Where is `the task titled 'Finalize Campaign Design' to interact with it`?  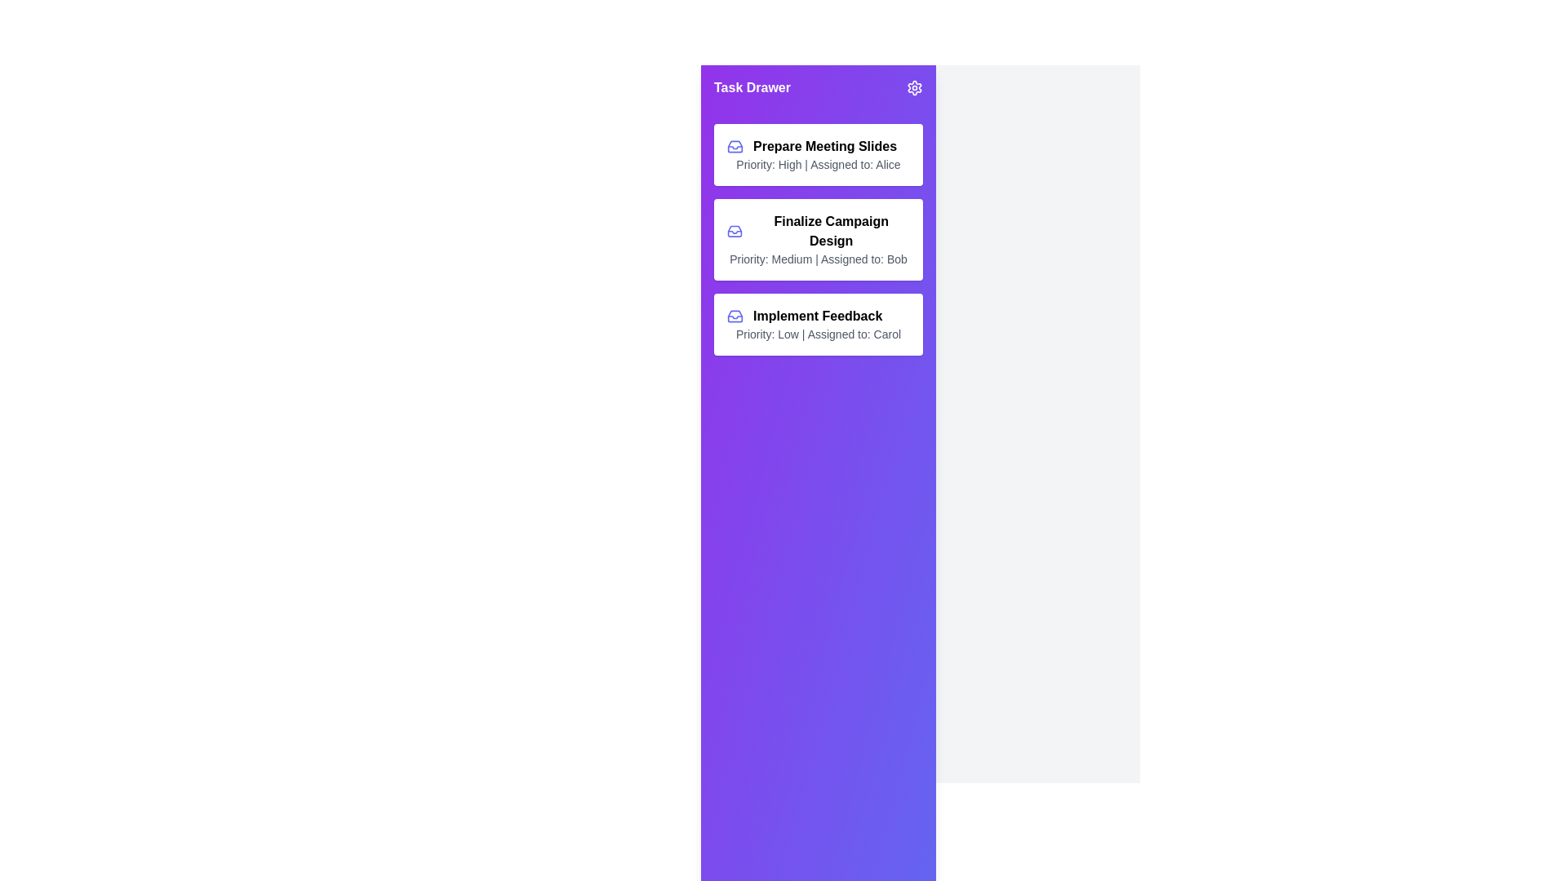
the task titled 'Finalize Campaign Design' to interact with it is located at coordinates (819, 239).